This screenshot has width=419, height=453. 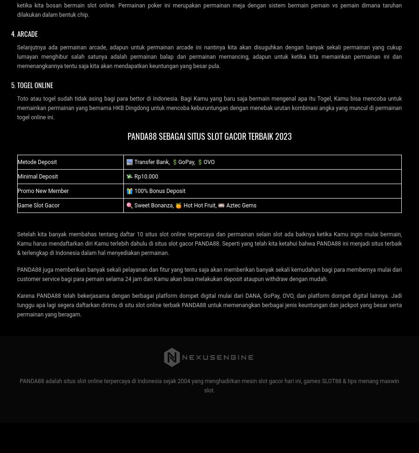 What do you see at coordinates (38, 205) in the screenshot?
I see `'Game Slot Gacor'` at bounding box center [38, 205].